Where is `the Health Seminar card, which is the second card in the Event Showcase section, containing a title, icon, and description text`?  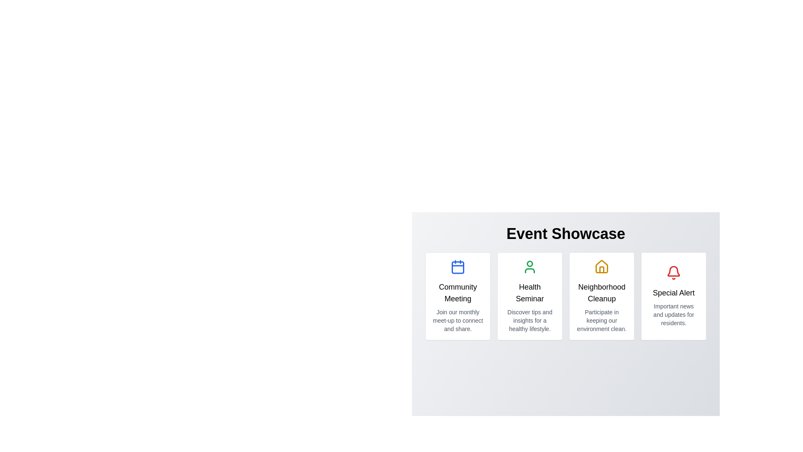 the Health Seminar card, which is the second card in the Event Showcase section, containing a title, icon, and description text is located at coordinates (529, 296).